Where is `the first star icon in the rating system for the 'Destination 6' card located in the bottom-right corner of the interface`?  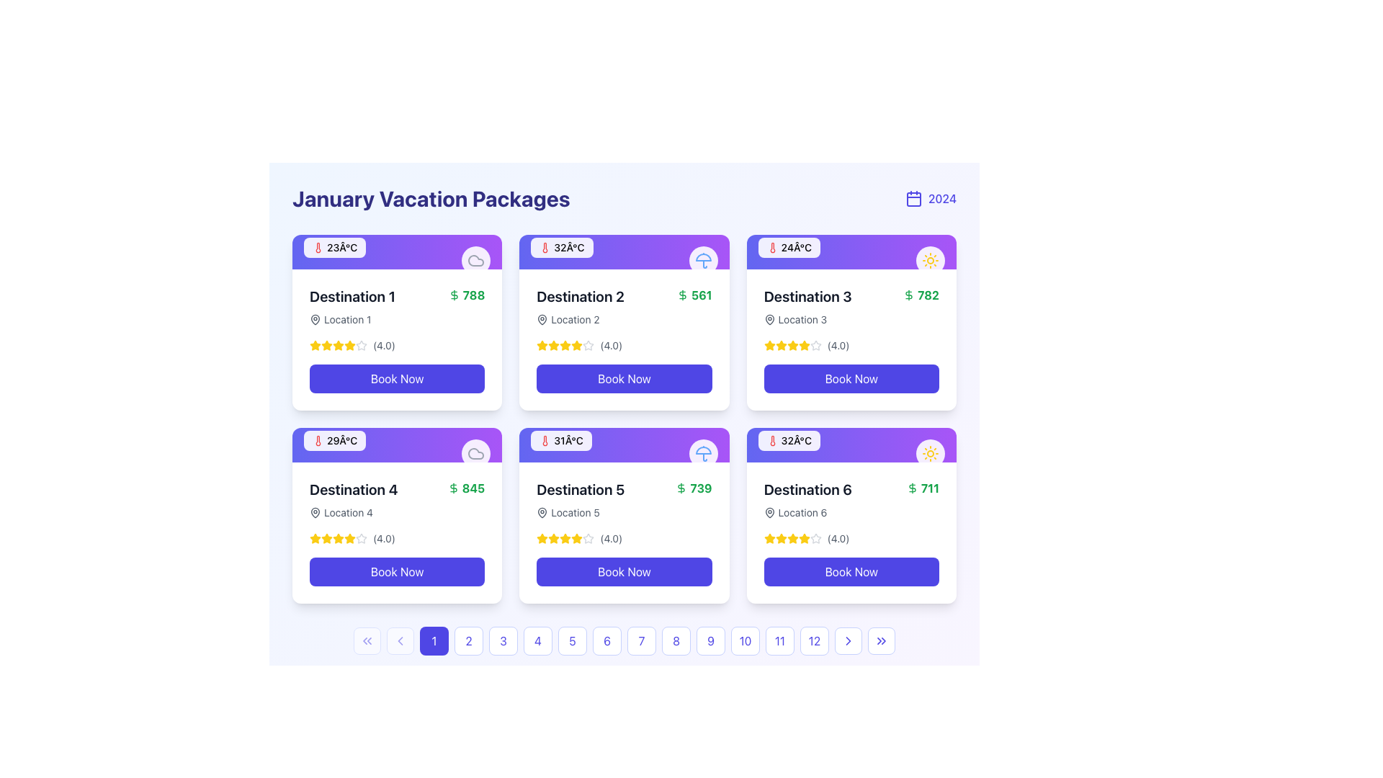 the first star icon in the rating system for the 'Destination 6' card located in the bottom-right corner of the interface is located at coordinates (769, 539).